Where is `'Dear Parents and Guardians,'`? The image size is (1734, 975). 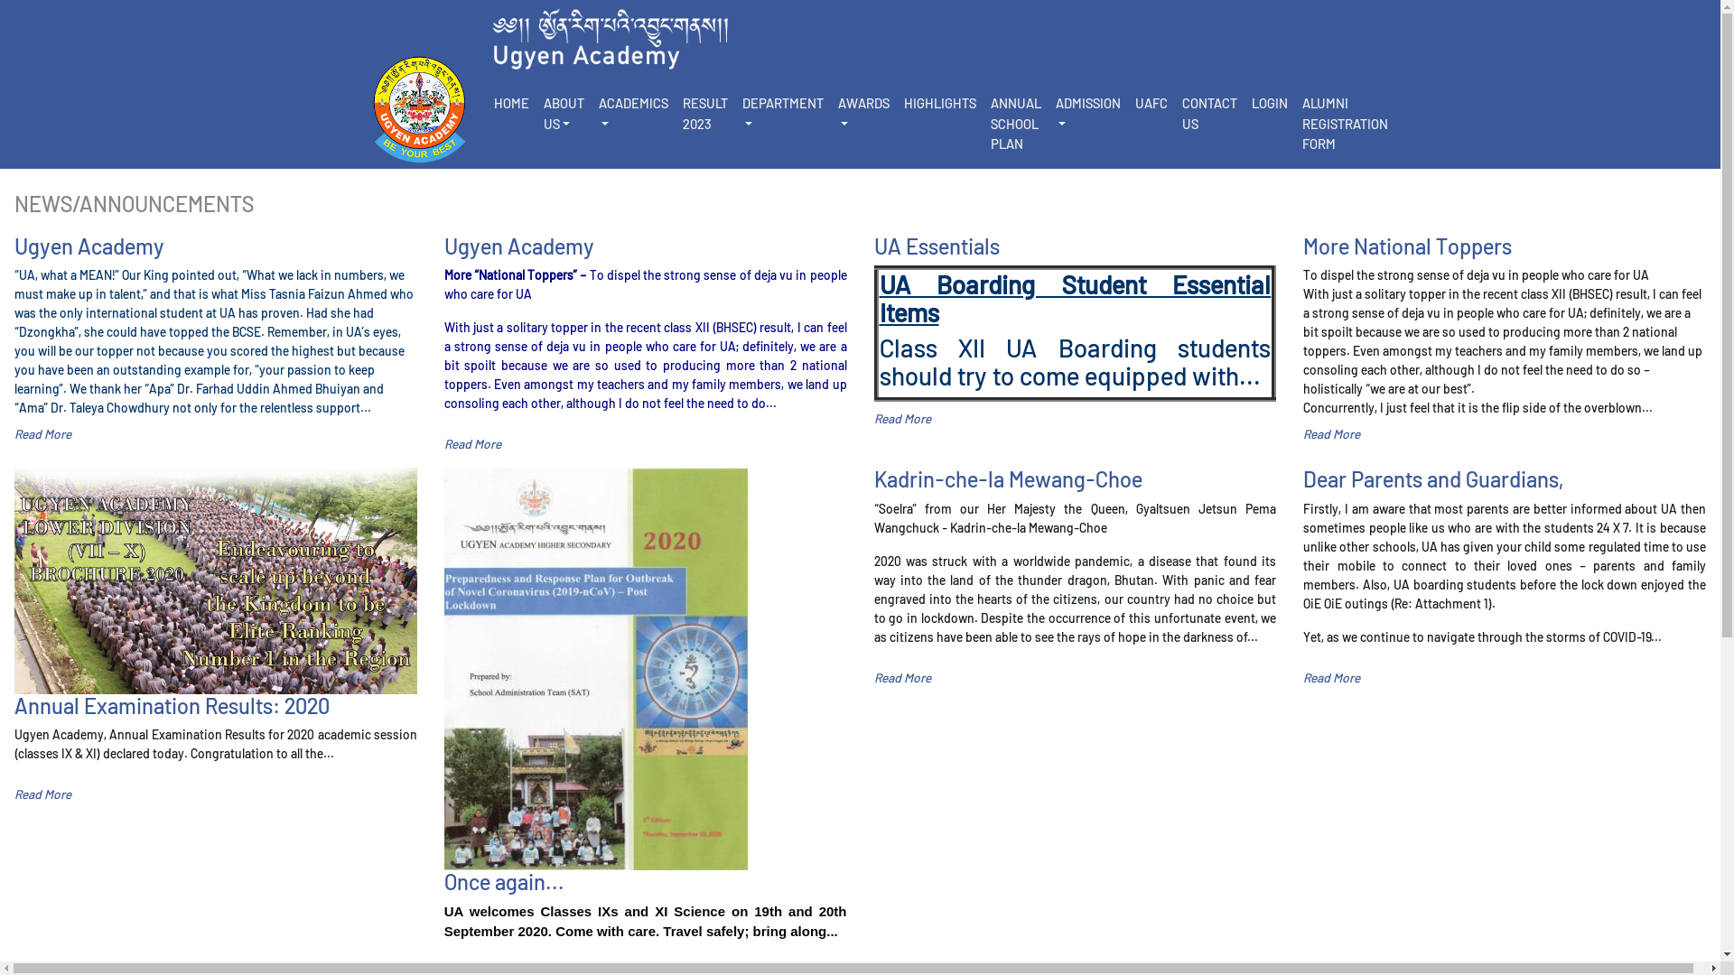
'Dear Parents and Guardians,' is located at coordinates (1303, 478).